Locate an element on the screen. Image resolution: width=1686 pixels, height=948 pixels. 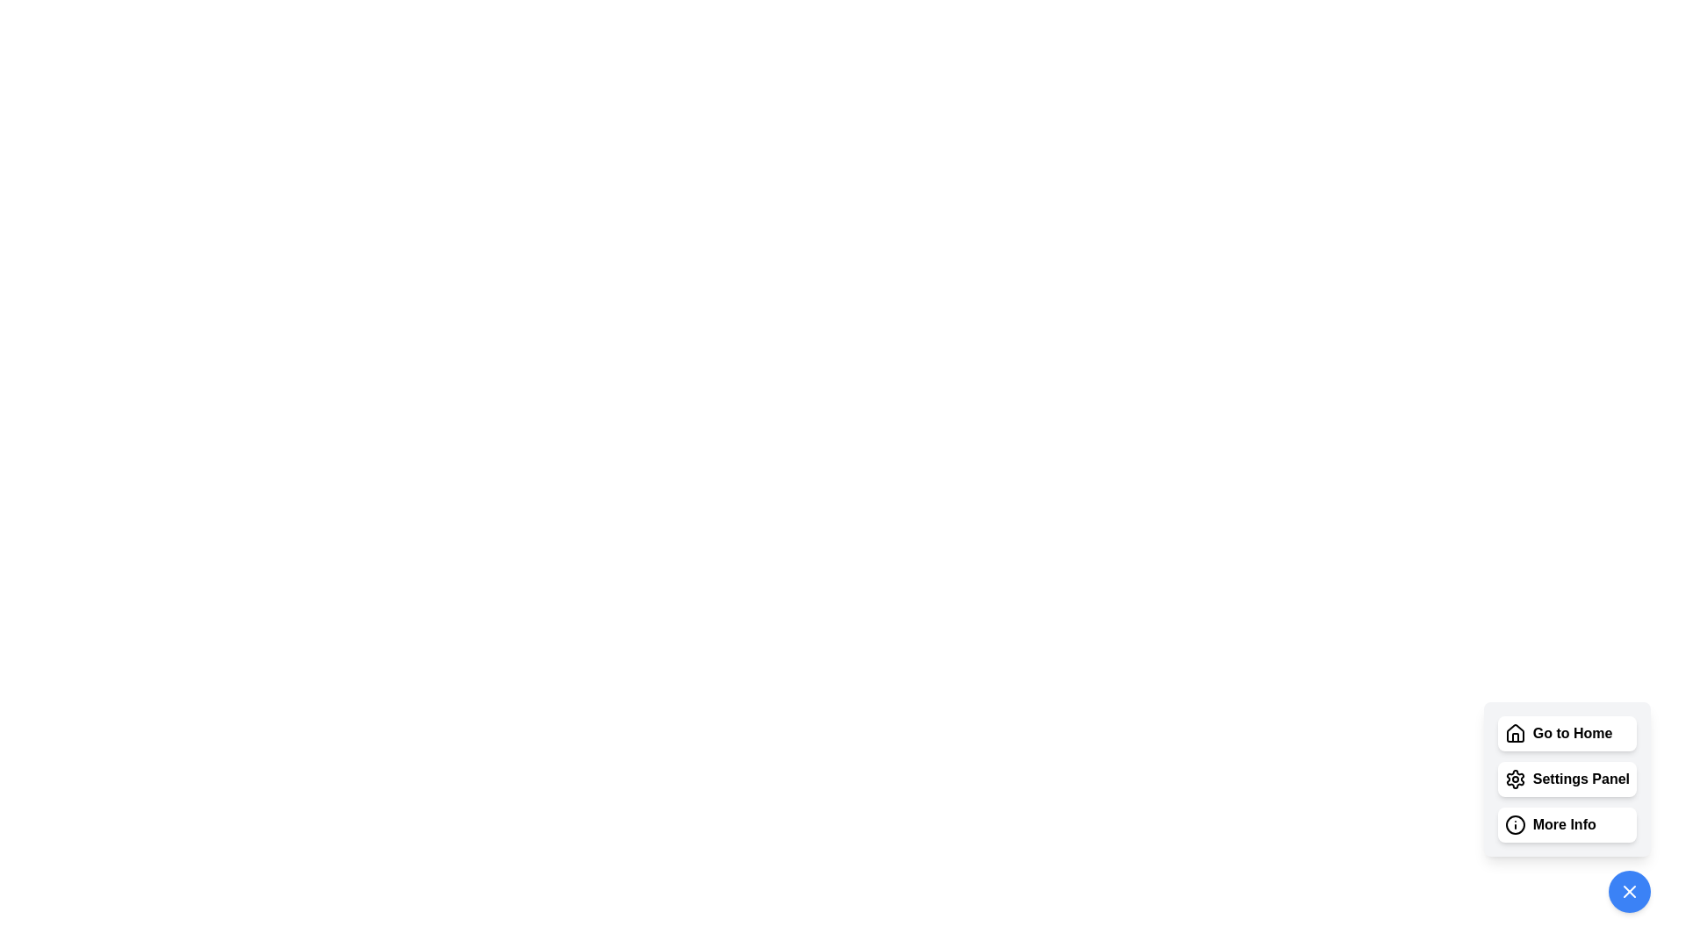
the circular button with a blue background and a white 'X' icon, located at the bottom-right corner of the menu options is located at coordinates (1629, 891).